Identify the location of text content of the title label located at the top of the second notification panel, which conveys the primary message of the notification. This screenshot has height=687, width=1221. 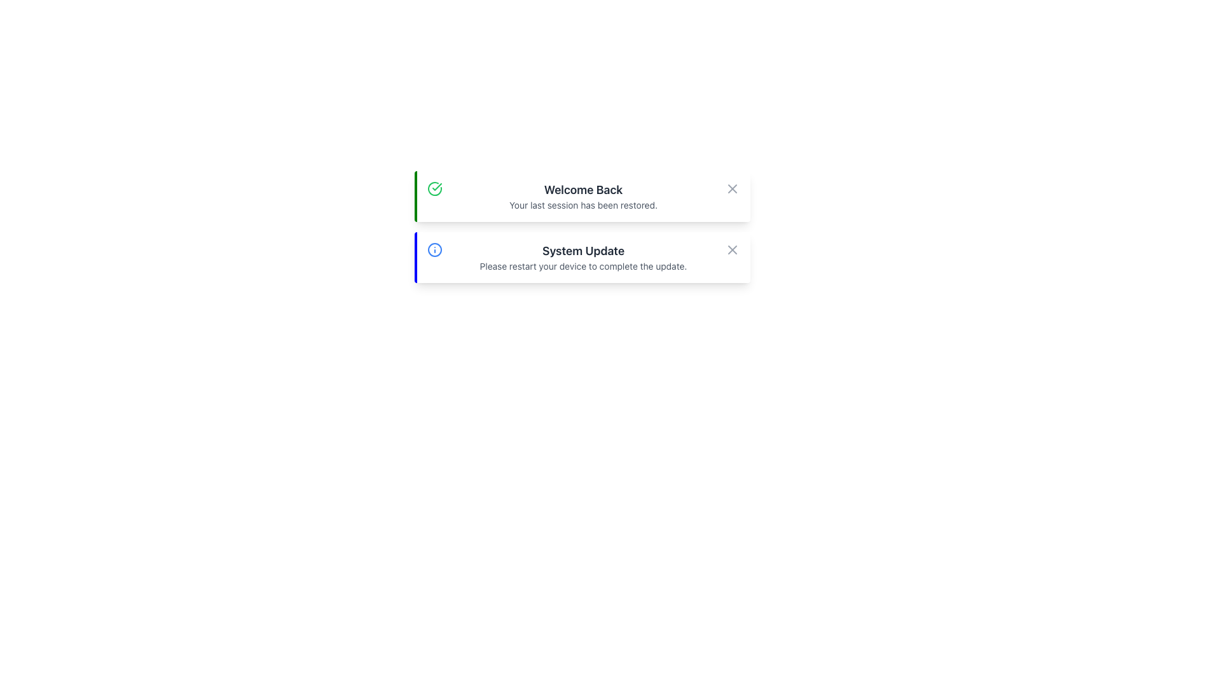
(583, 251).